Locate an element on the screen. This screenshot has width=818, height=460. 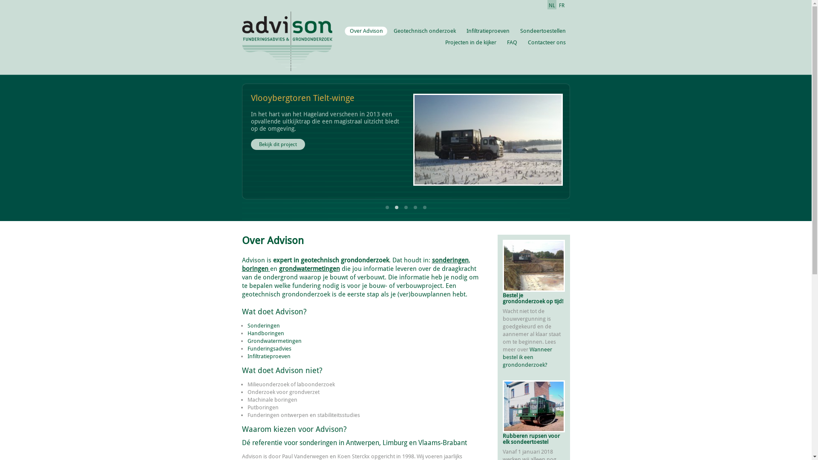
'Handboringen' is located at coordinates (247, 333).